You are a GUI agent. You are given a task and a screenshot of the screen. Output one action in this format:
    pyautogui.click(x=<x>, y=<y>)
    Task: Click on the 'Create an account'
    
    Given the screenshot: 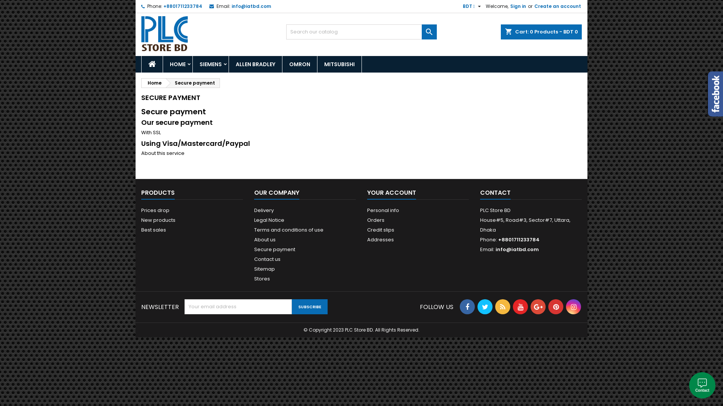 What is the action you would take?
    pyautogui.click(x=533, y=6)
    